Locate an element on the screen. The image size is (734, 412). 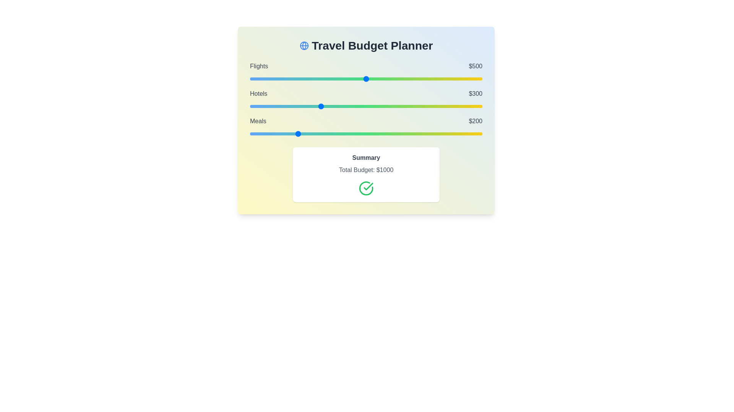
the 'Flights' budget slider to 528 is located at coordinates (372, 79).